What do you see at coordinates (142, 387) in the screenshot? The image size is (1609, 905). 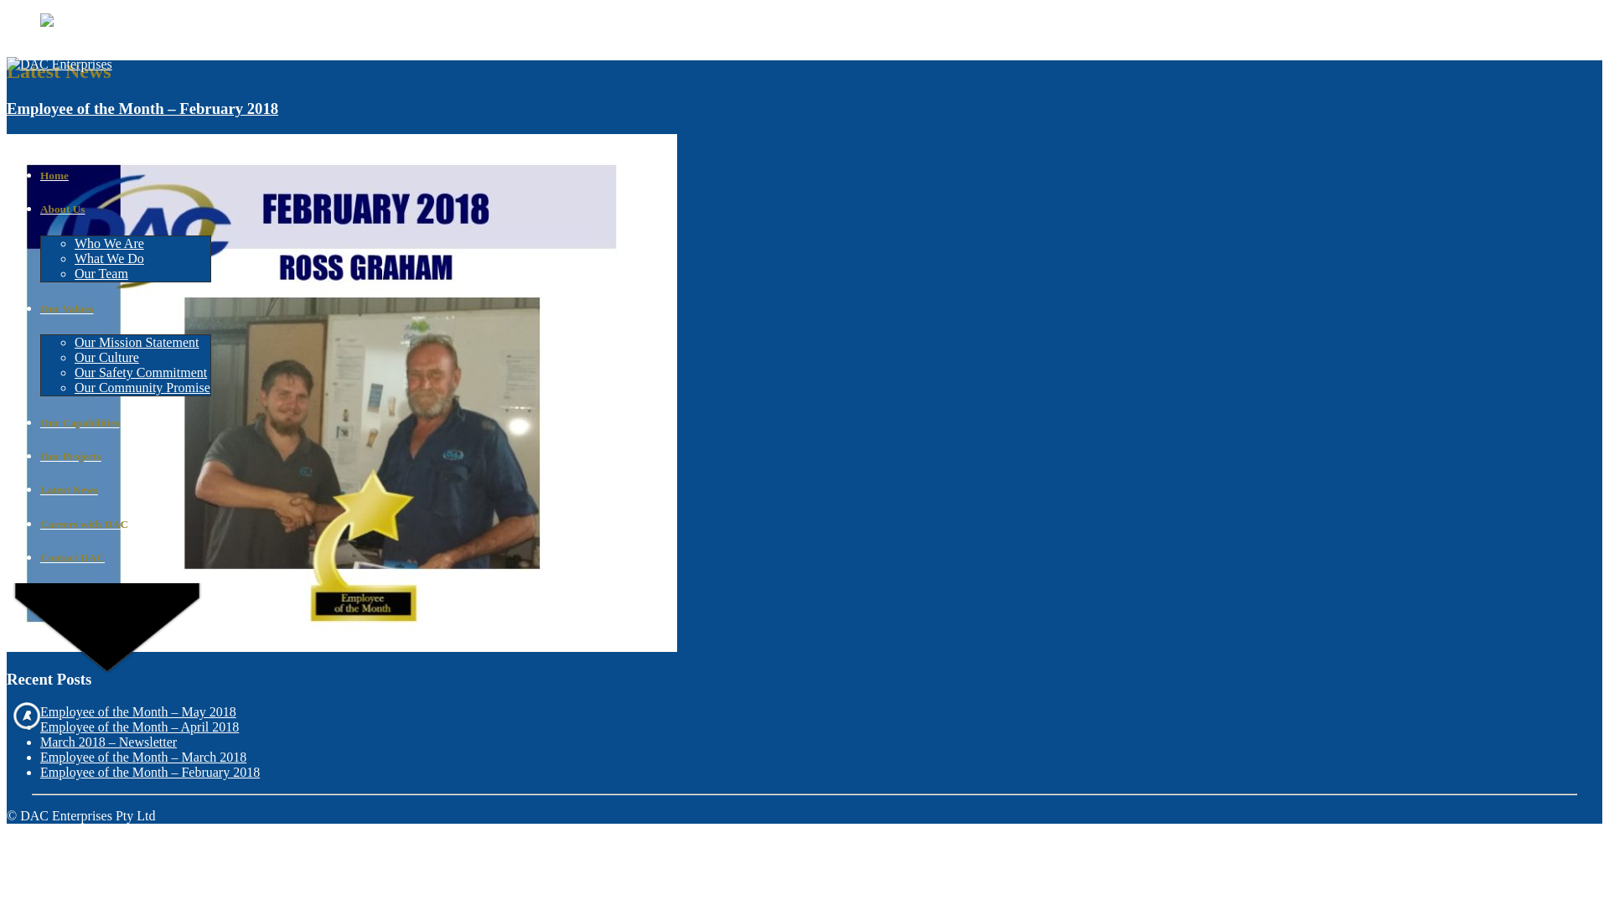 I see `'Our Community Promise'` at bounding box center [142, 387].